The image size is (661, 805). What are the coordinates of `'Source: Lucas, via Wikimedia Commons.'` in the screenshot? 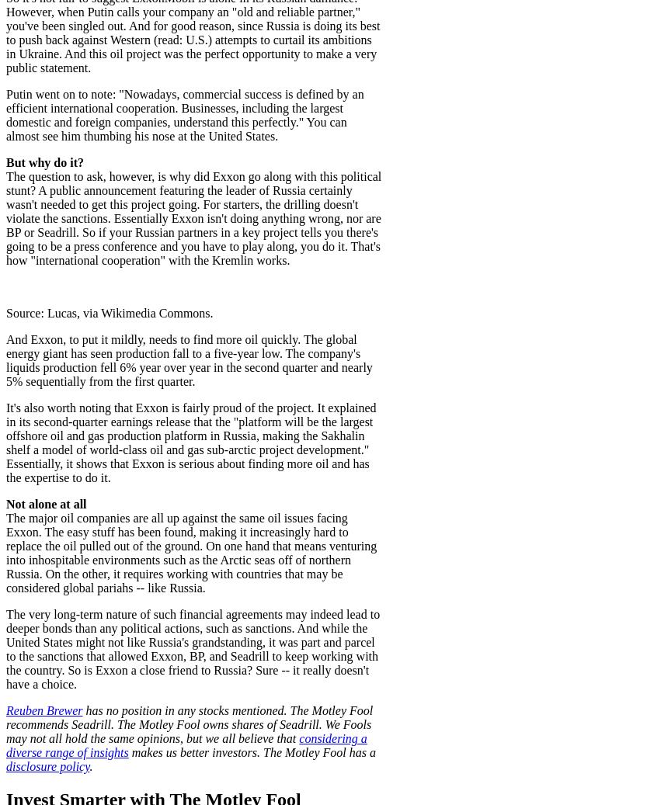 It's located at (110, 311).